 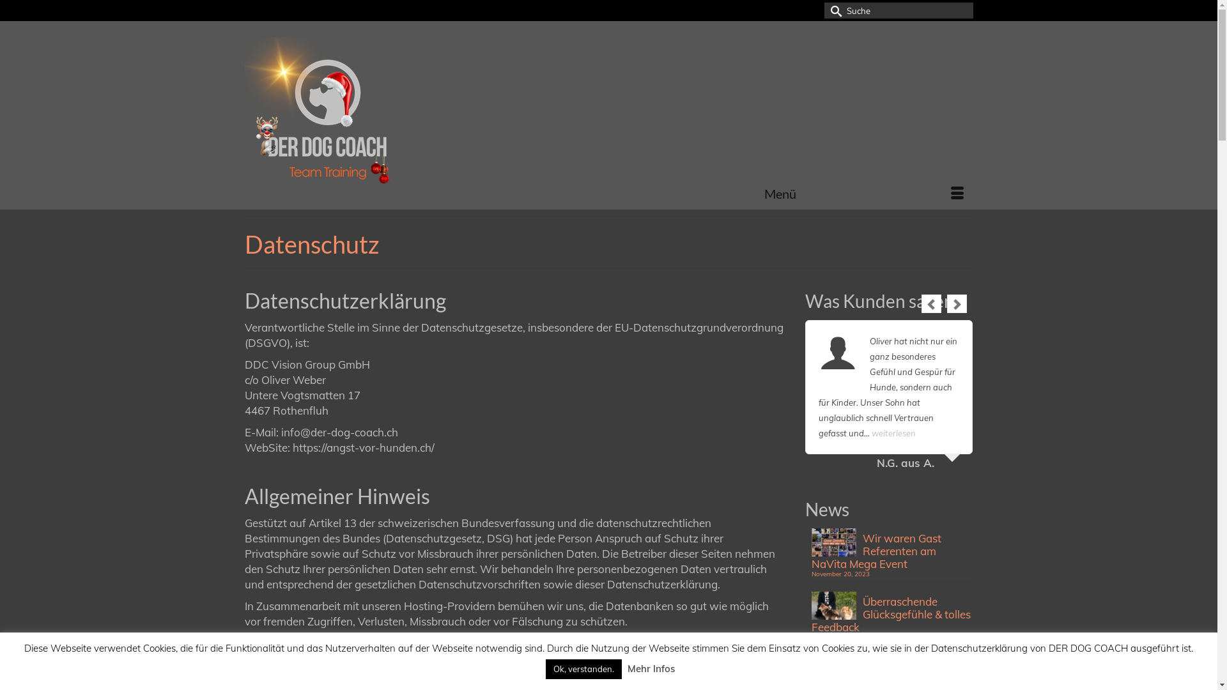 I want to click on 'weiterlesen', so click(x=893, y=433).